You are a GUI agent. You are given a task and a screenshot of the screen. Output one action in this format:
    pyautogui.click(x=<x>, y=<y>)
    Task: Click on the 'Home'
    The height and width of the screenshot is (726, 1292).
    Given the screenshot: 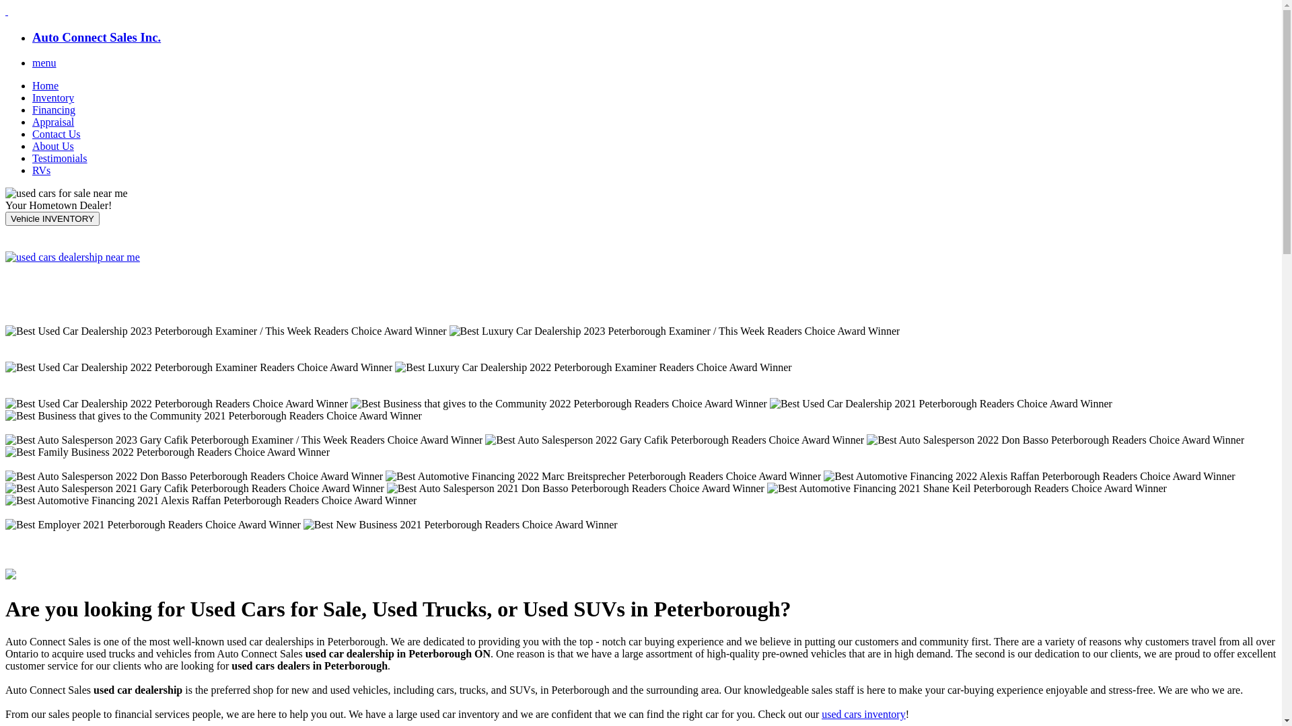 What is the action you would take?
    pyautogui.click(x=45, y=85)
    